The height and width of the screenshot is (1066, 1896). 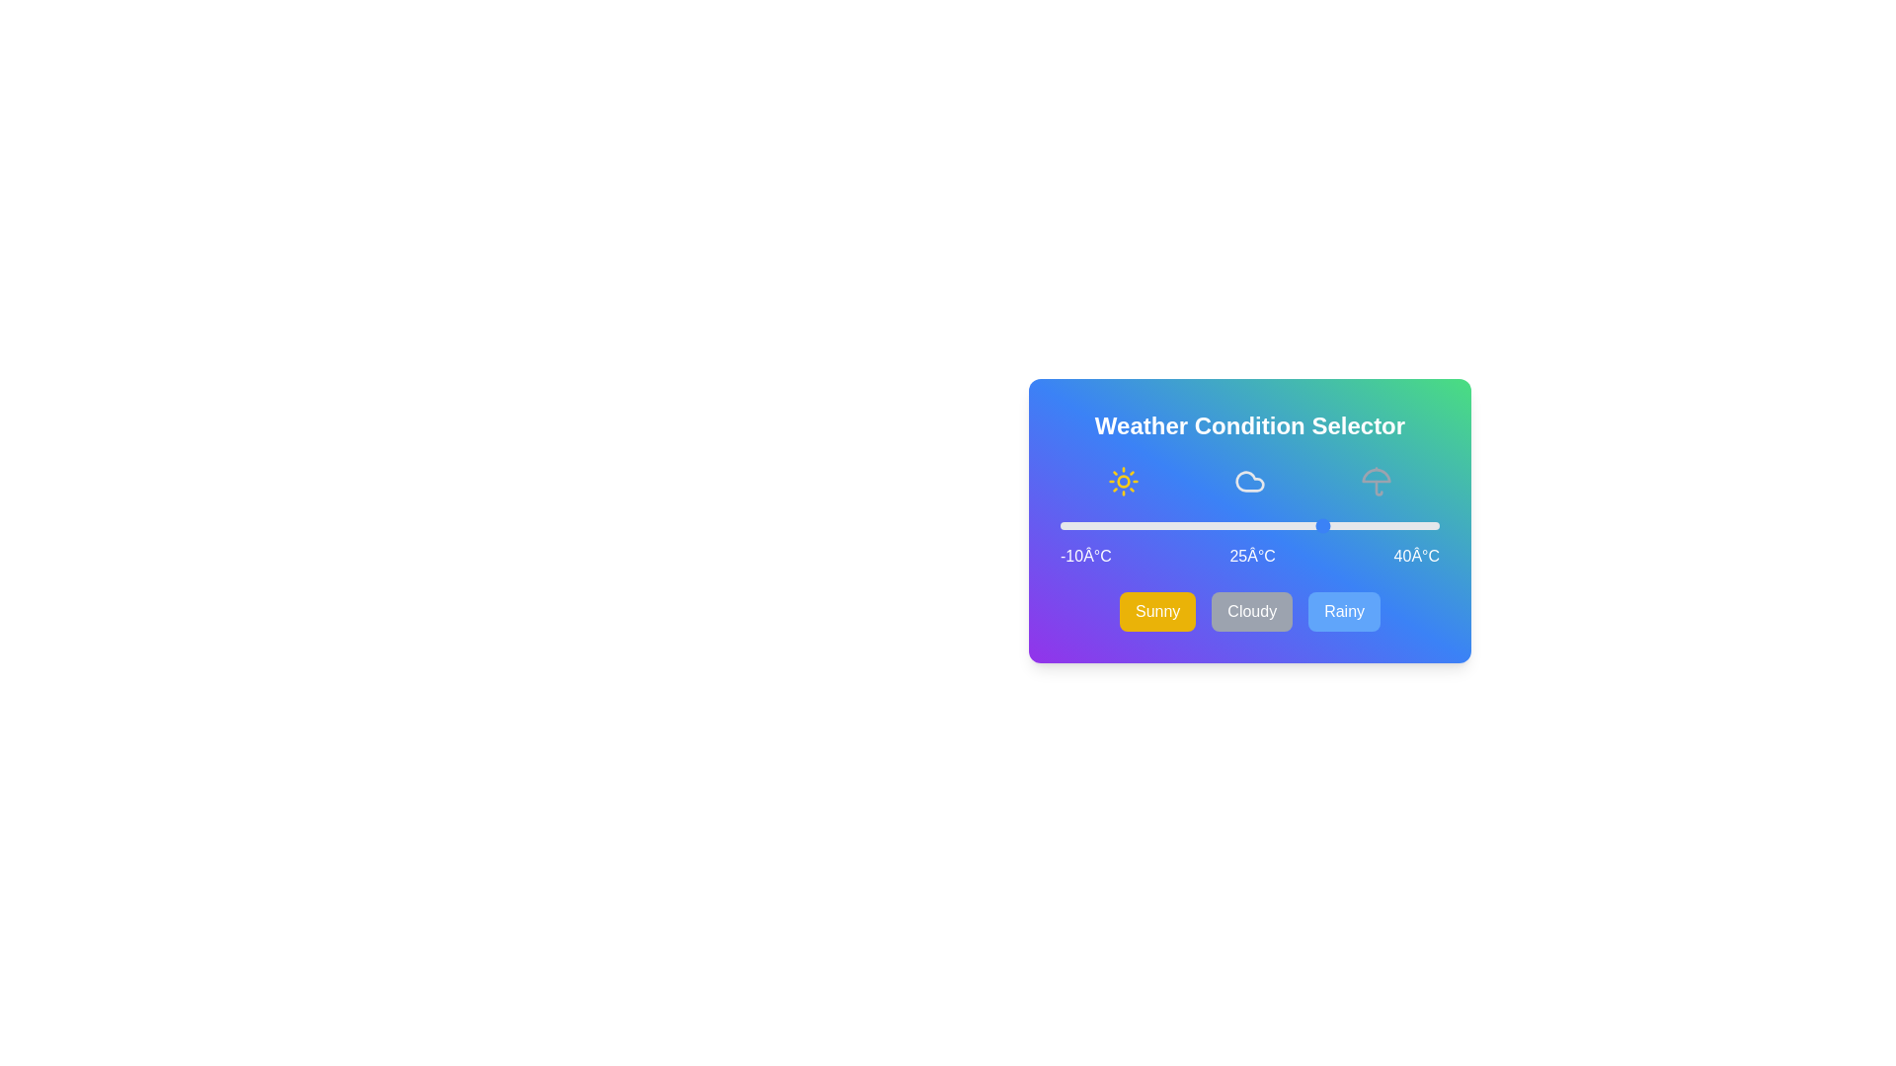 I want to click on the temperature slider to 27°C, so click(x=1341, y=524).